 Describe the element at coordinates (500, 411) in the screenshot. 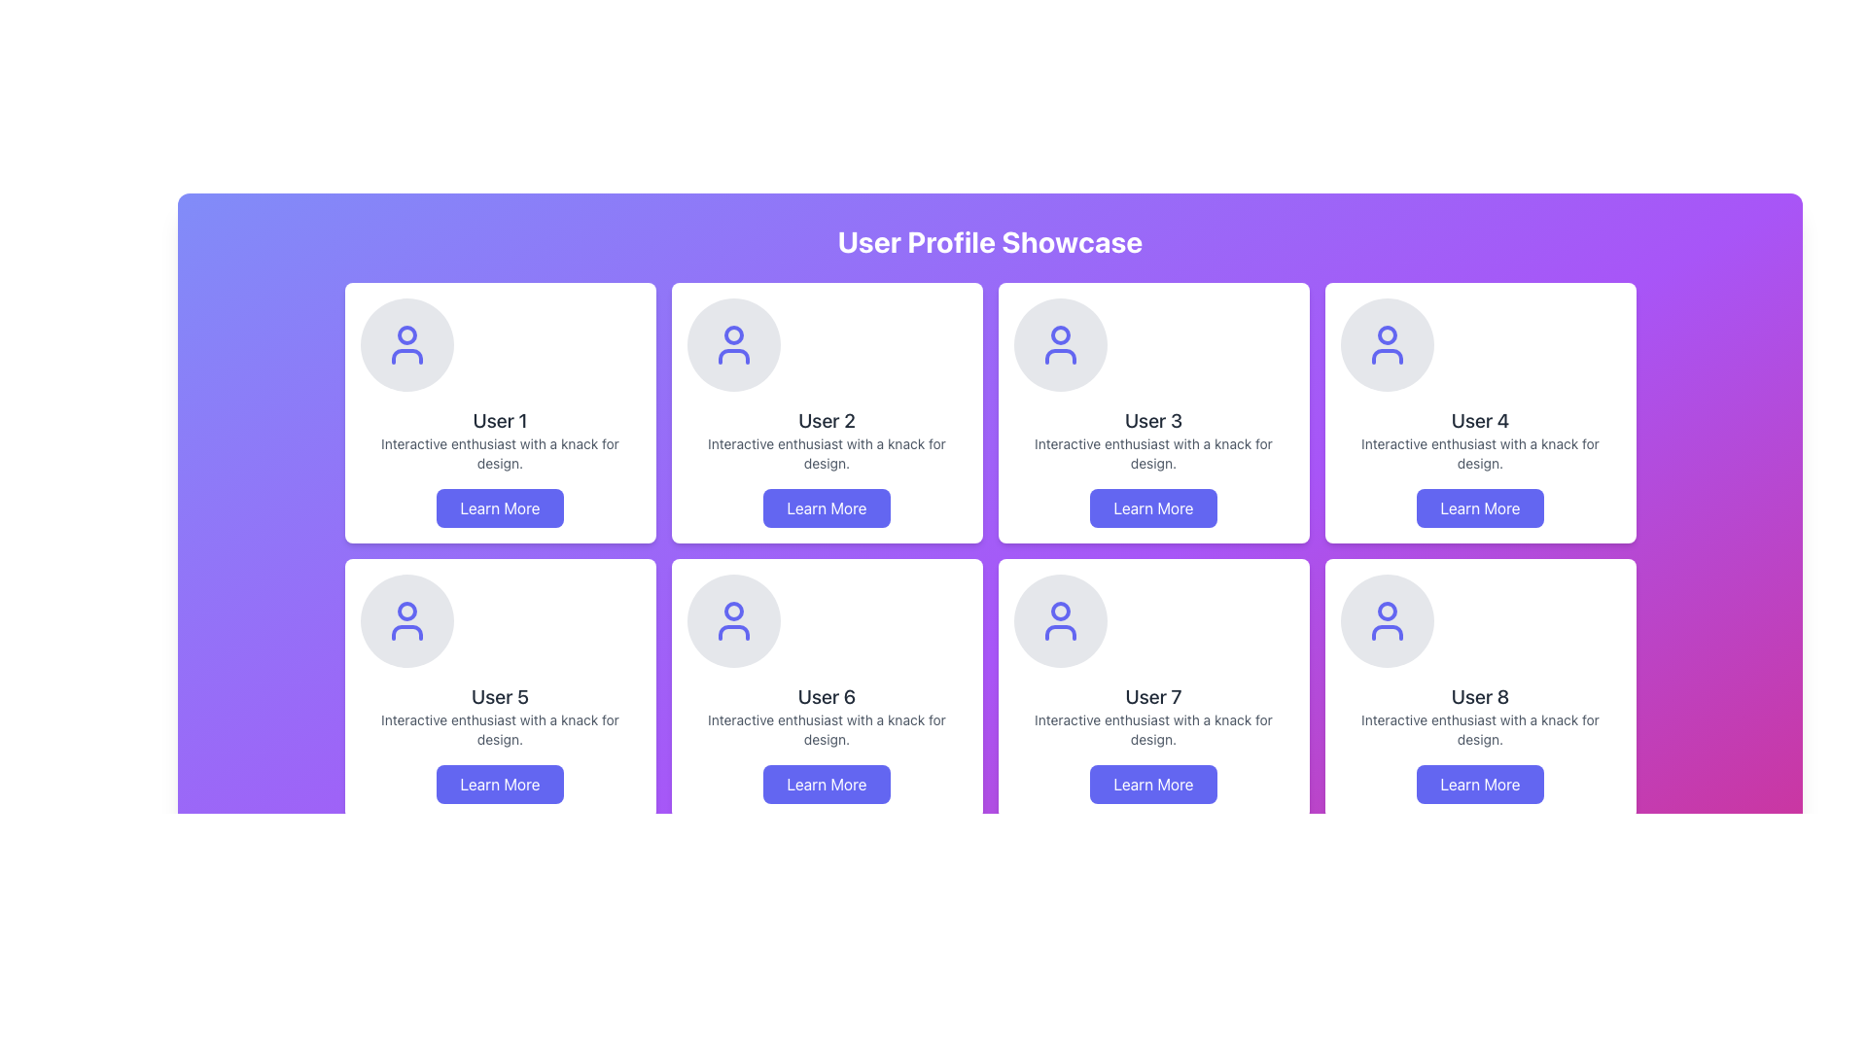

I see `the User Profile Card featuring a circular avatar, bold username 'User 1', description text, and 'Learn More' button, located in the first row and first column of the grid layout` at that location.